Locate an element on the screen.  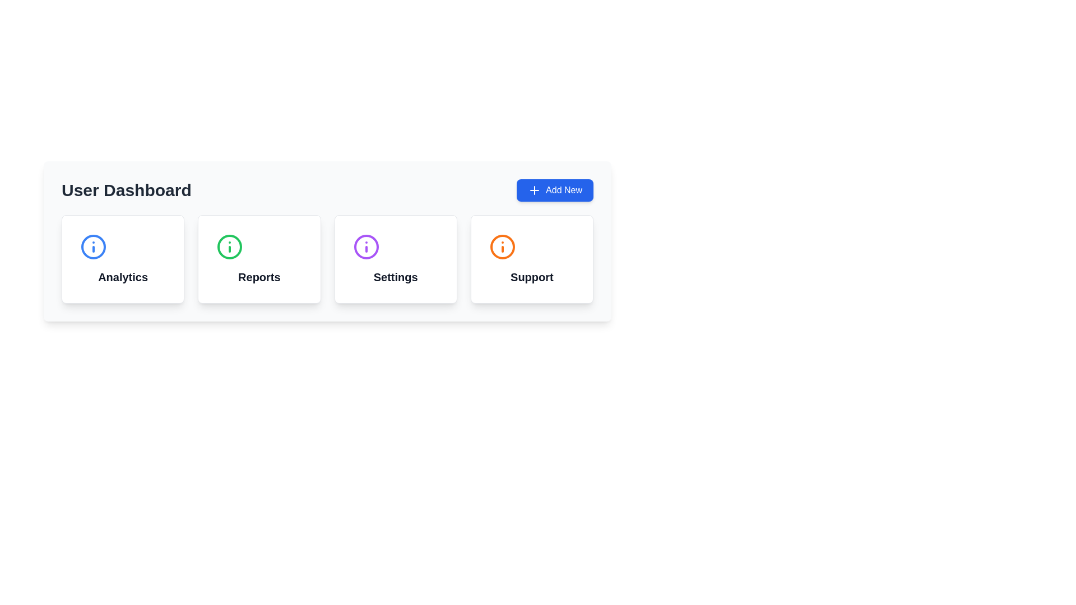
the circular green icon with an 'i' symbol located at the top center of the card labeled 'Reports', which is the second card from the left in the list of cards is located at coordinates (229, 246).